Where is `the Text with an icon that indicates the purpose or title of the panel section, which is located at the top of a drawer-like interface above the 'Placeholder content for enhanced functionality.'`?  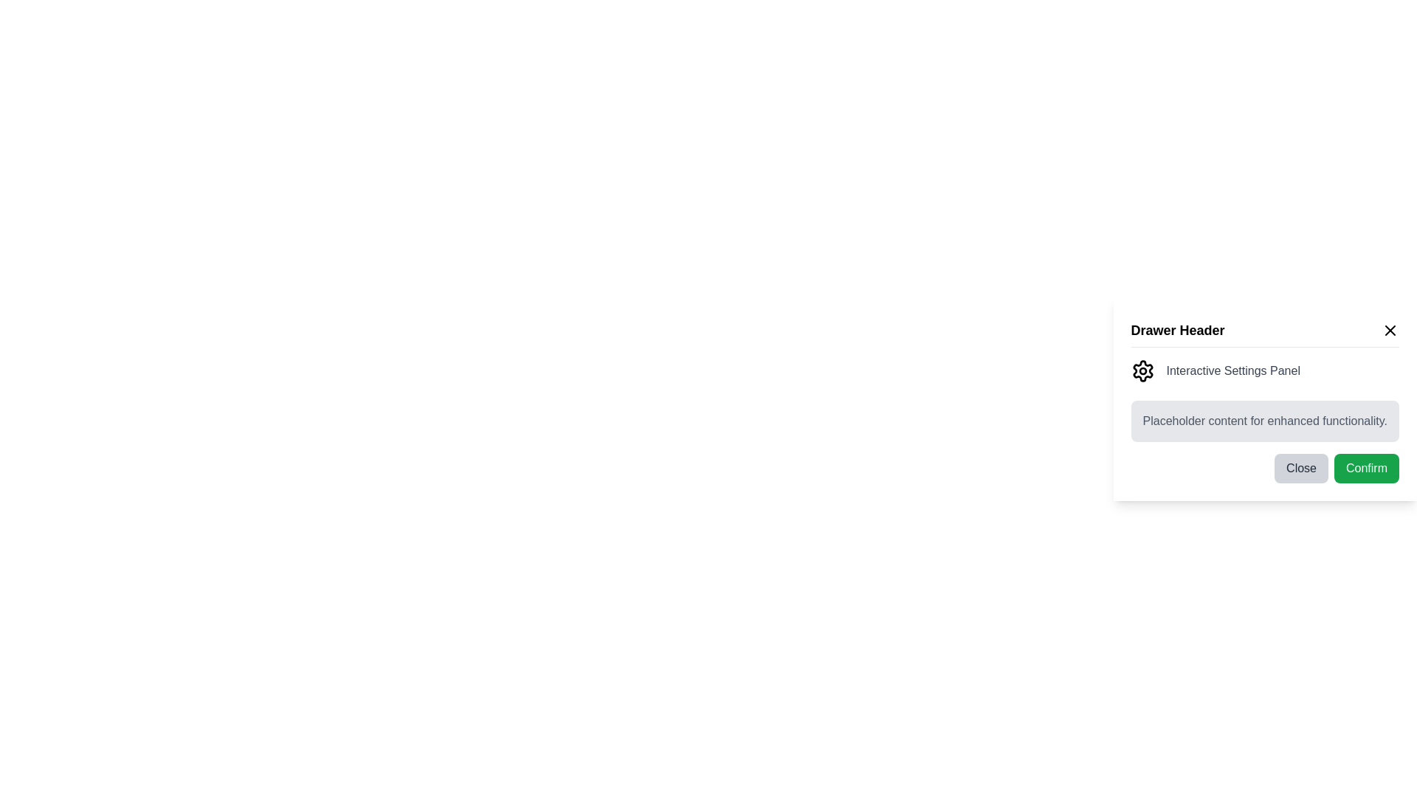 the Text with an icon that indicates the purpose or title of the panel section, which is located at the top of a drawer-like interface above the 'Placeholder content for enhanced functionality.' is located at coordinates (1264, 370).